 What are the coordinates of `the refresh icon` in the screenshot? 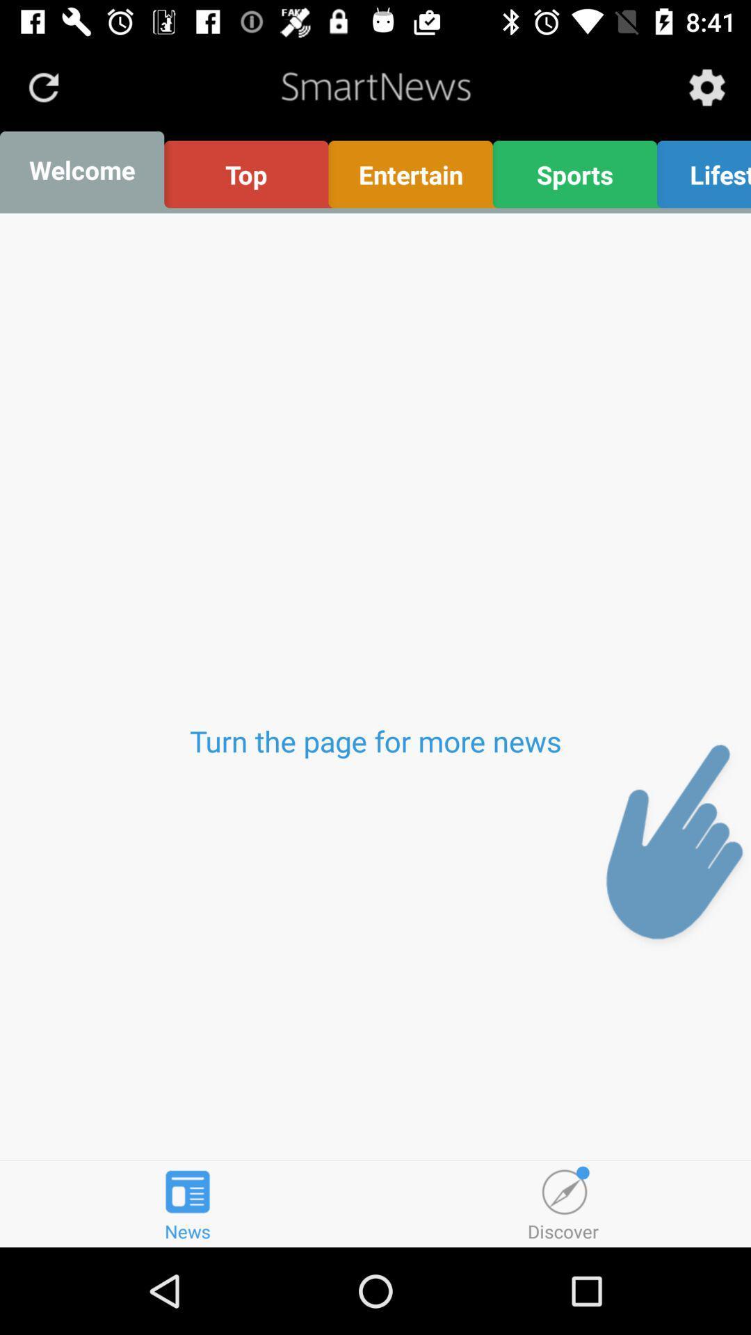 It's located at (42, 86).